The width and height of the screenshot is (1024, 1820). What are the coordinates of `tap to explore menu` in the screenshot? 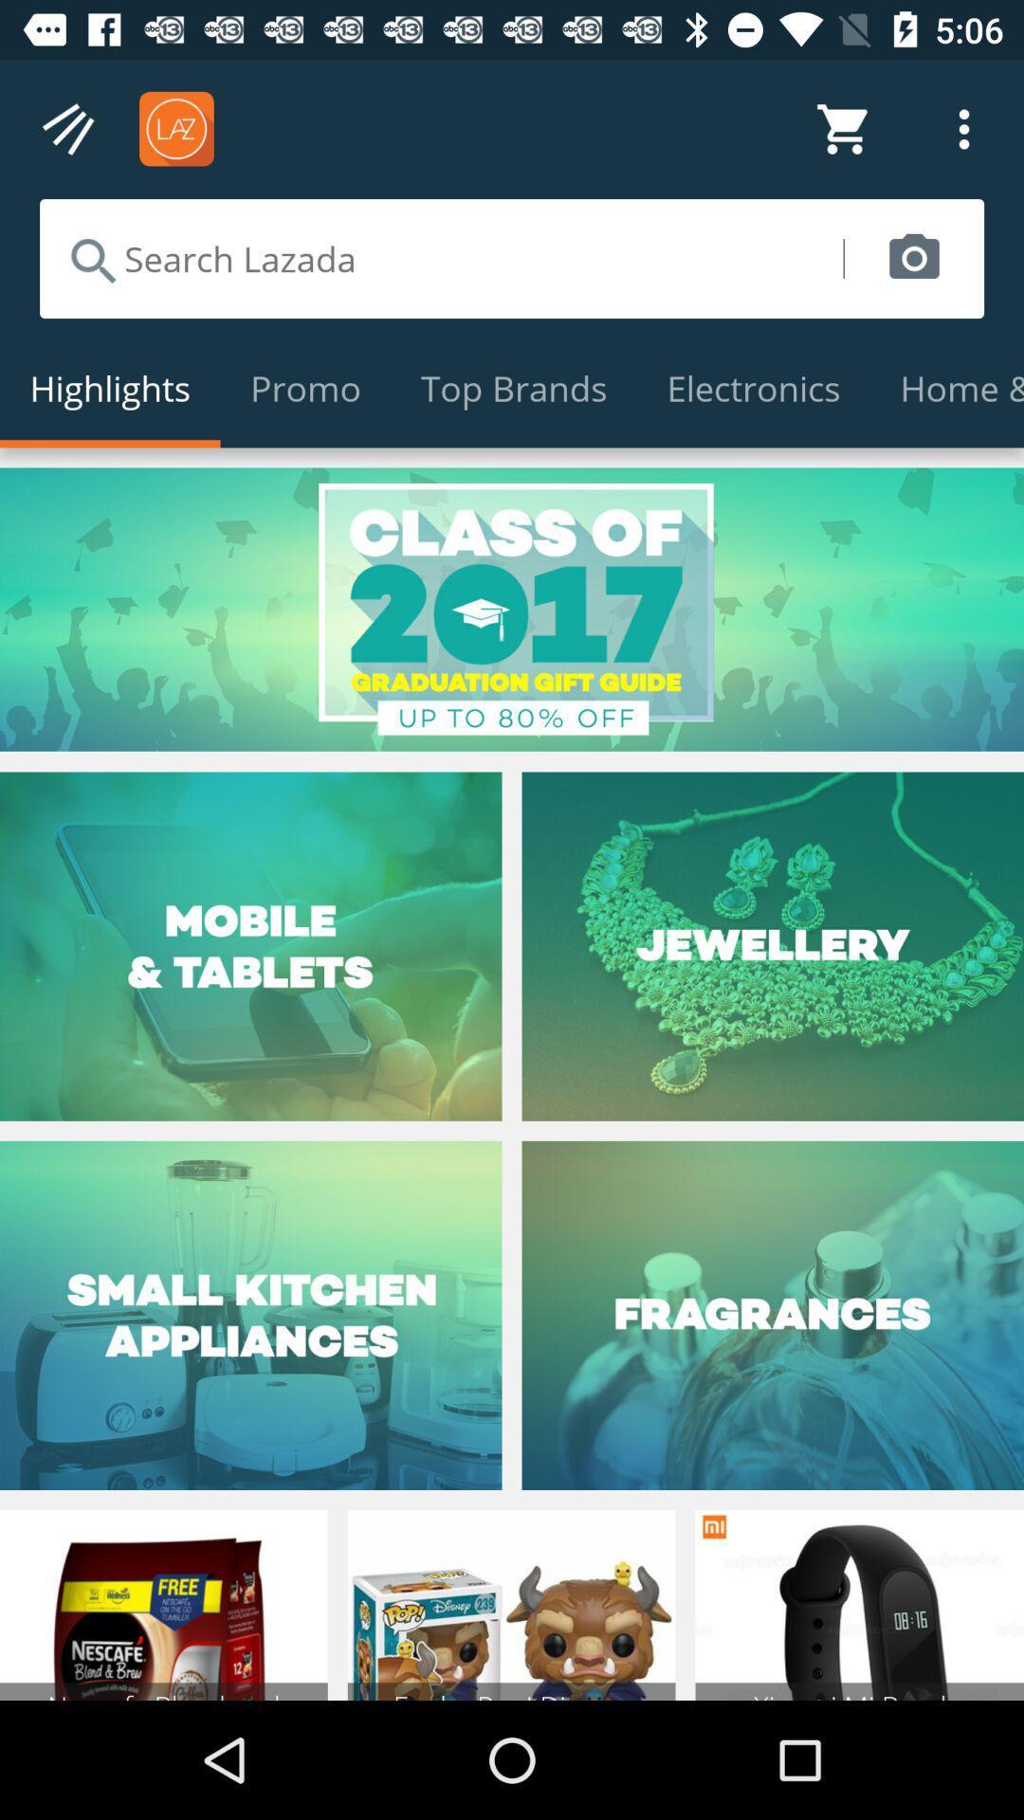 It's located at (68, 128).